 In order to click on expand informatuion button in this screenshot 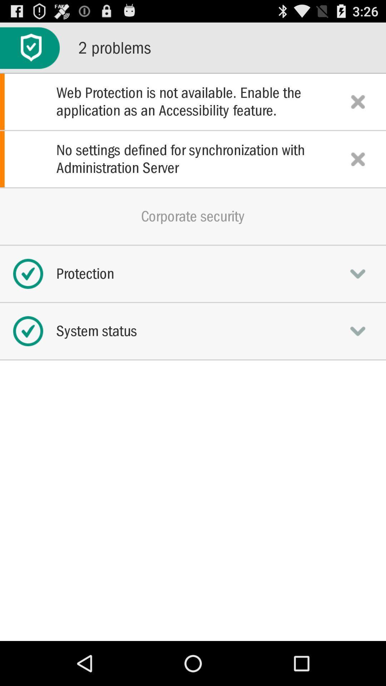, I will do `click(358, 273)`.